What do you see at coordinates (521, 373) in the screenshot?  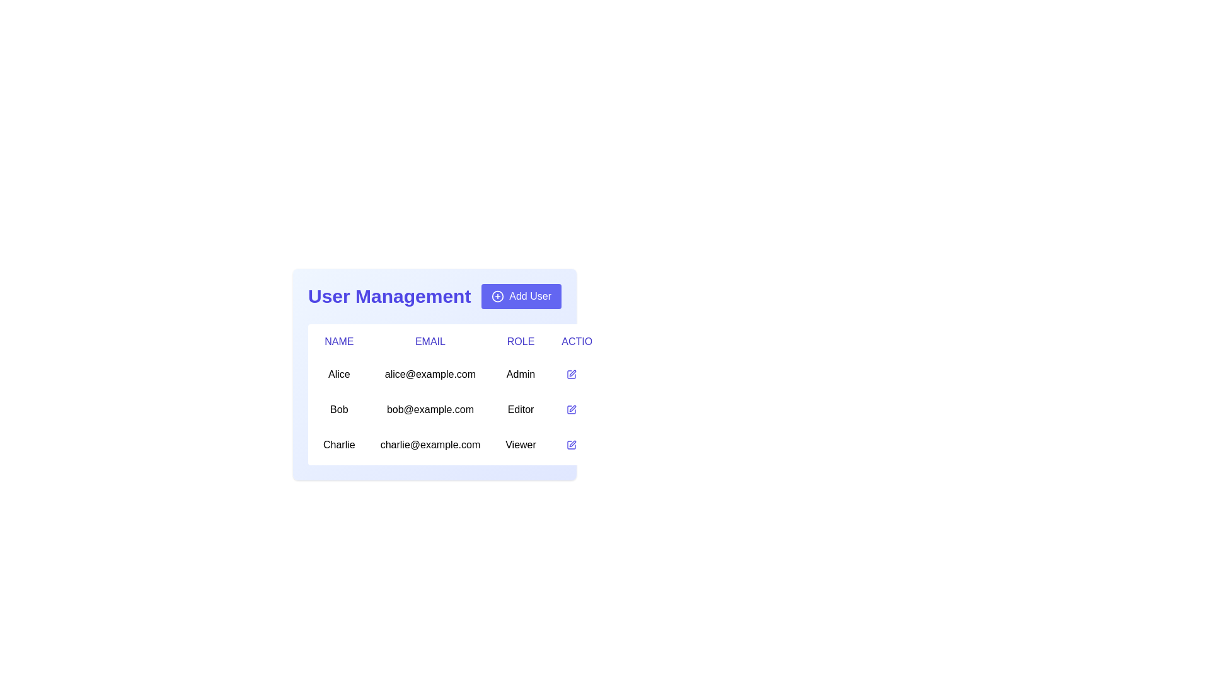 I see `the non-interactive text label displaying the user's role in the first row of the user management table, located in the third column under the 'ROLE' header` at bounding box center [521, 373].